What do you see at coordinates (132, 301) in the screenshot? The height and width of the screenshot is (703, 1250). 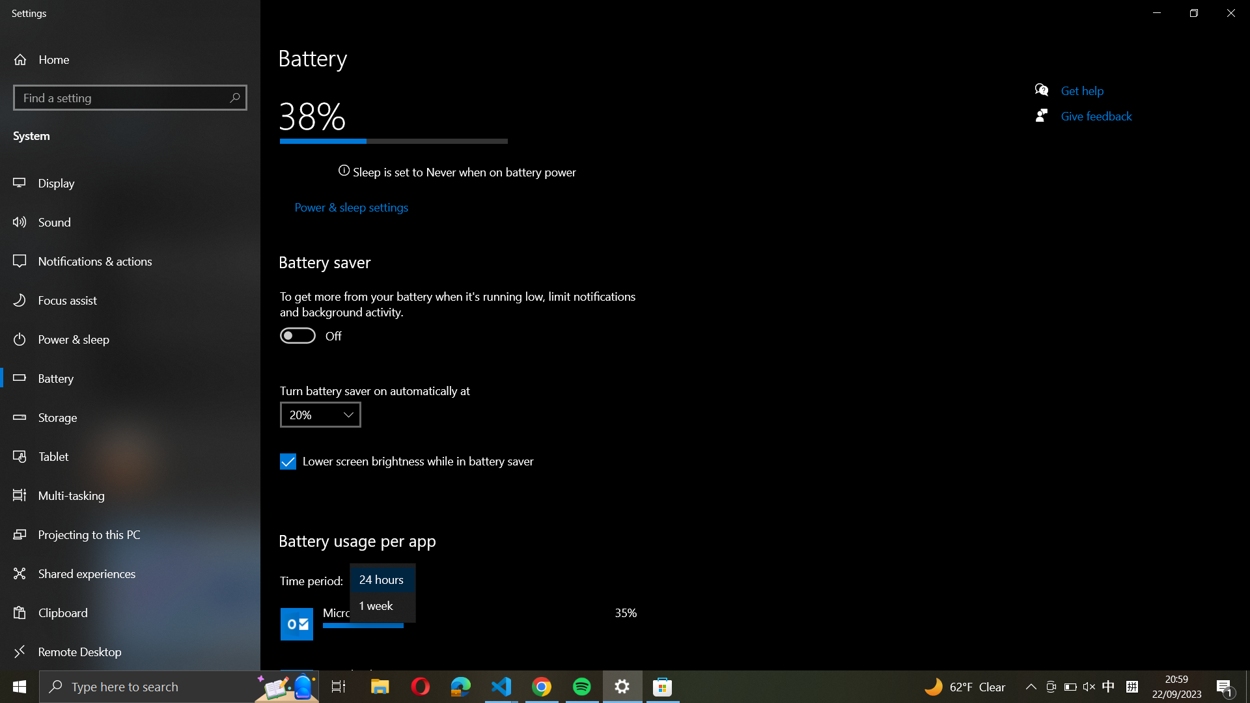 I see `the Focus assist settings from the left sidebar` at bounding box center [132, 301].